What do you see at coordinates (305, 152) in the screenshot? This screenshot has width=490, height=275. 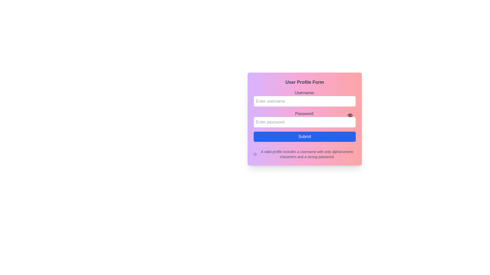 I see `the instructional text block that provides guidance on creating a valid profile, which includes details about username and password requirements` at bounding box center [305, 152].